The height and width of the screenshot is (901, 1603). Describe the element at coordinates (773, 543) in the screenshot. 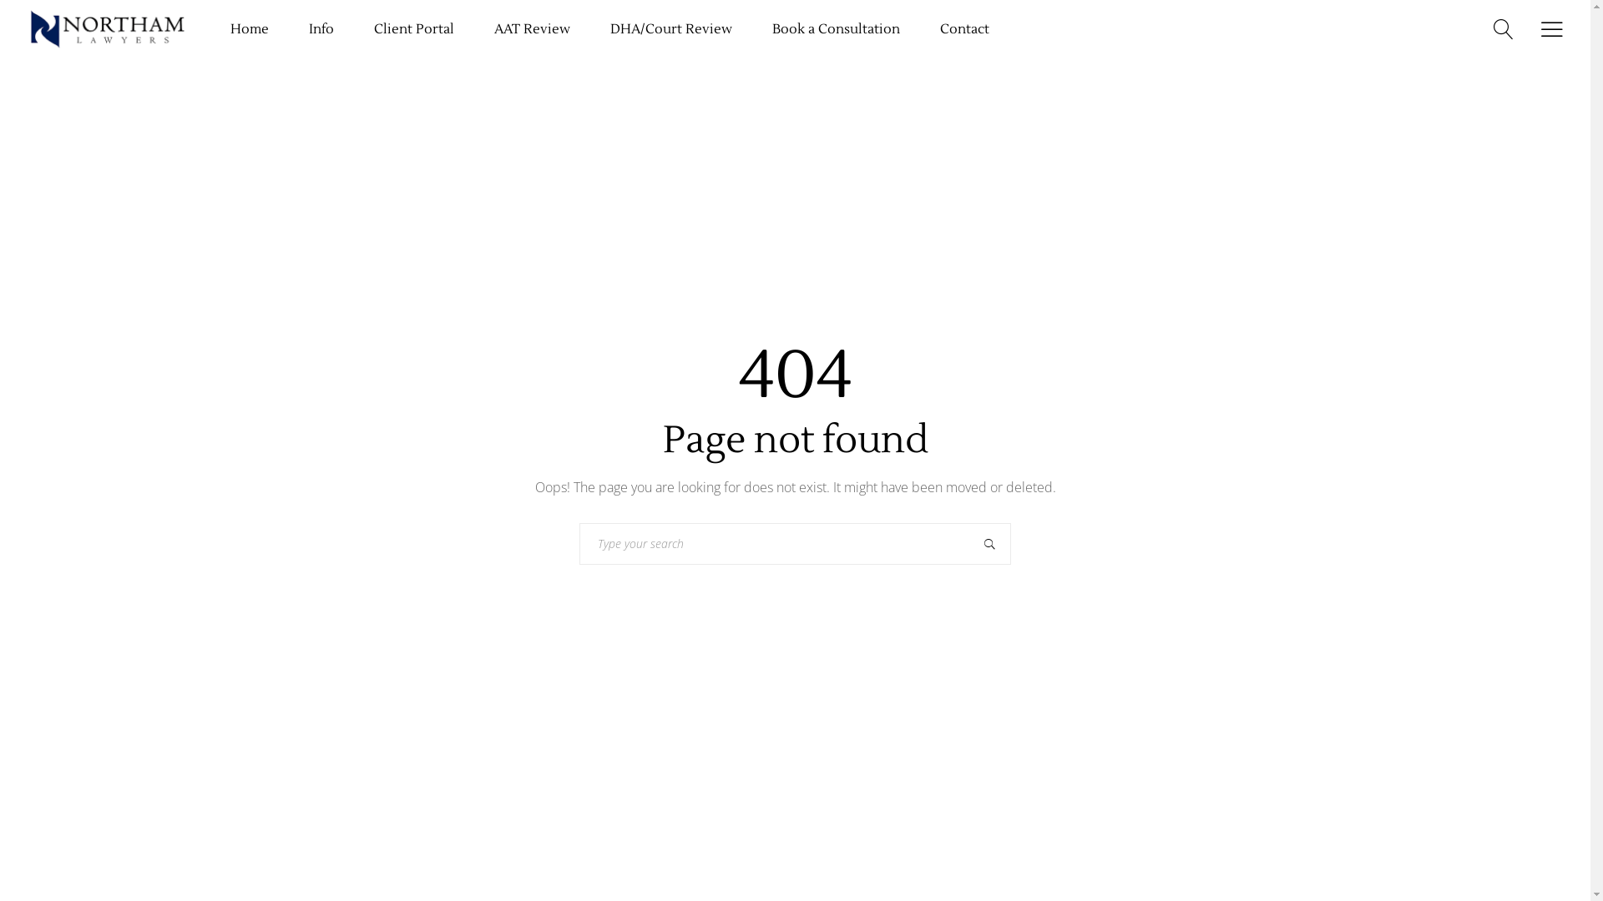

I see `'Search for:'` at that location.